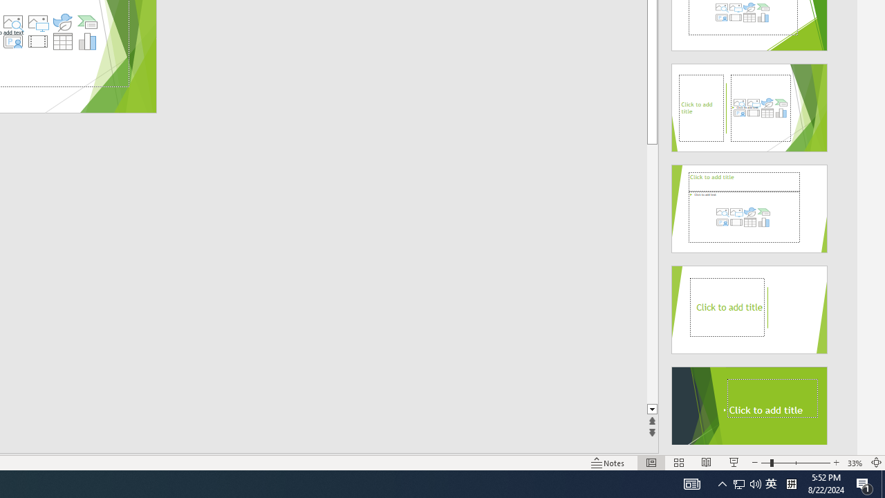 The width and height of the screenshot is (885, 498). What do you see at coordinates (87, 22) in the screenshot?
I see `'Insert a SmartArt Graphic'` at bounding box center [87, 22].